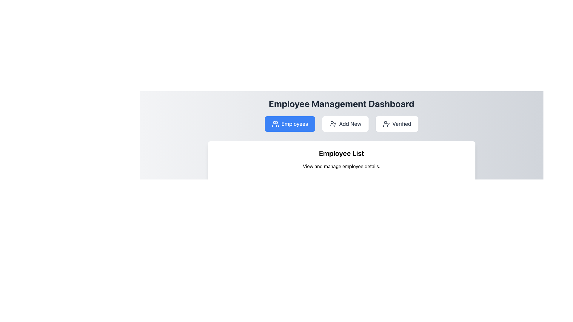 This screenshot has width=573, height=322. Describe the element at coordinates (345, 124) in the screenshot. I see `the 'Add New' button, which is the second button in a horizontal layout between 'Employees' and 'Verified' options` at that location.